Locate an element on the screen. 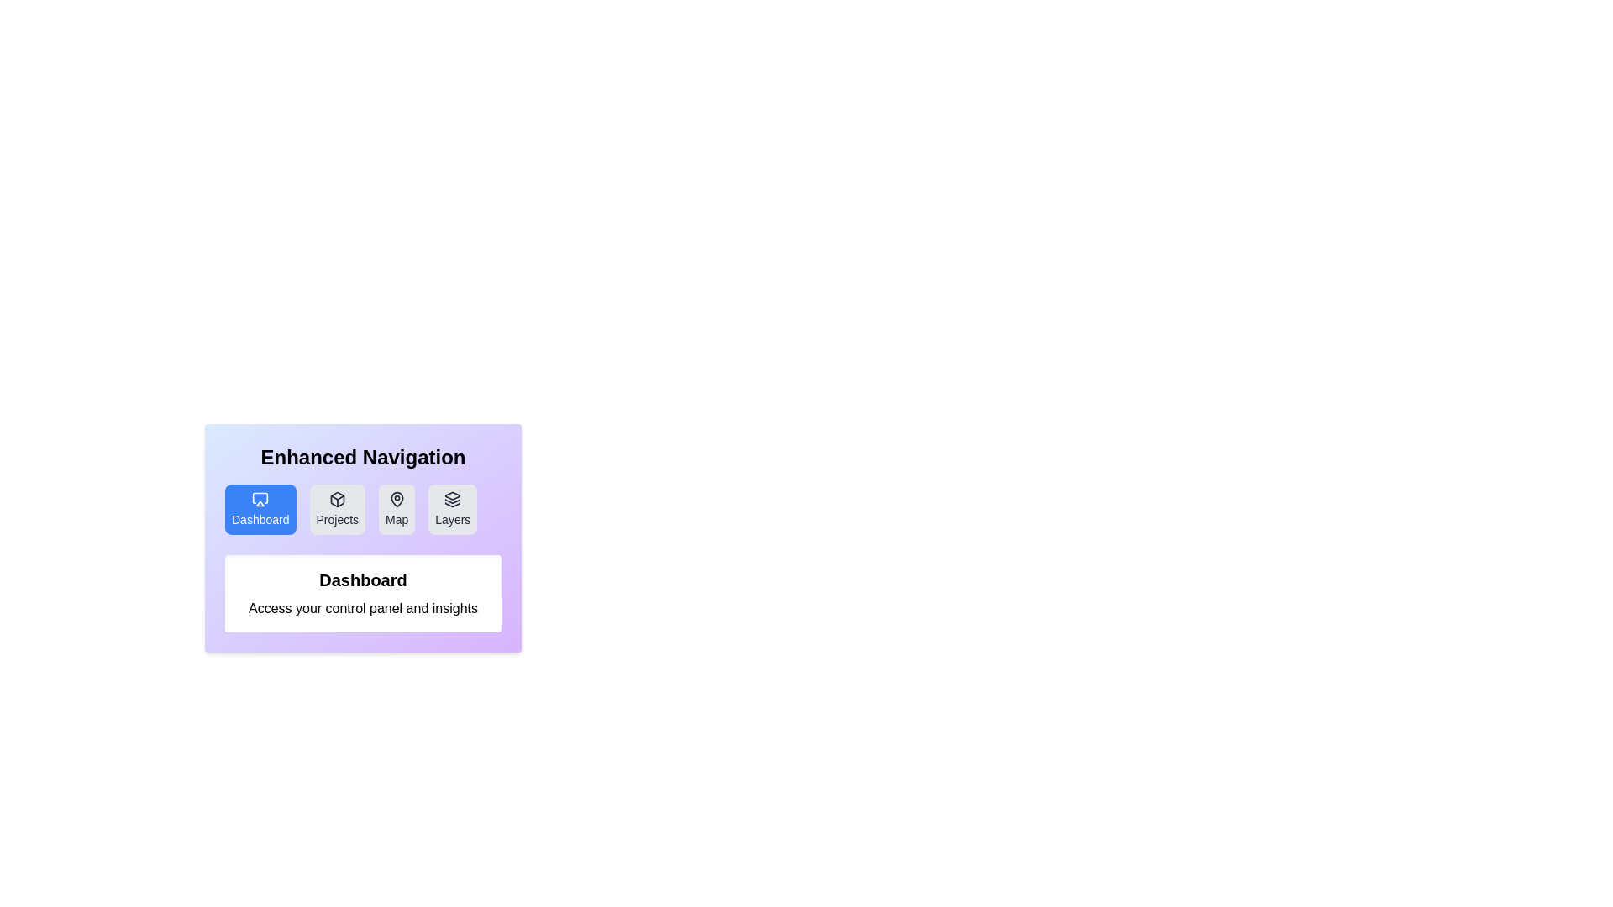  the tab labeled Map to observe its hover effect is located at coordinates (396, 508).